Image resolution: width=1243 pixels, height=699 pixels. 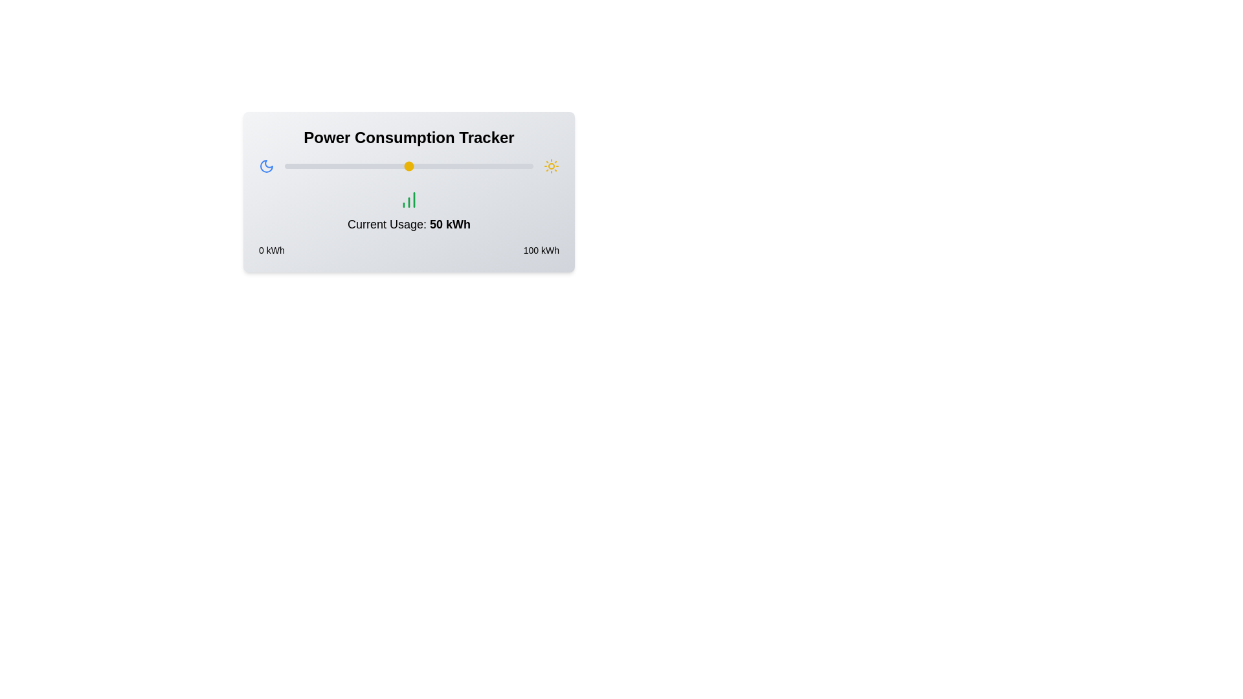 I want to click on the BarChart icon to inspect its appearance, so click(x=409, y=199).